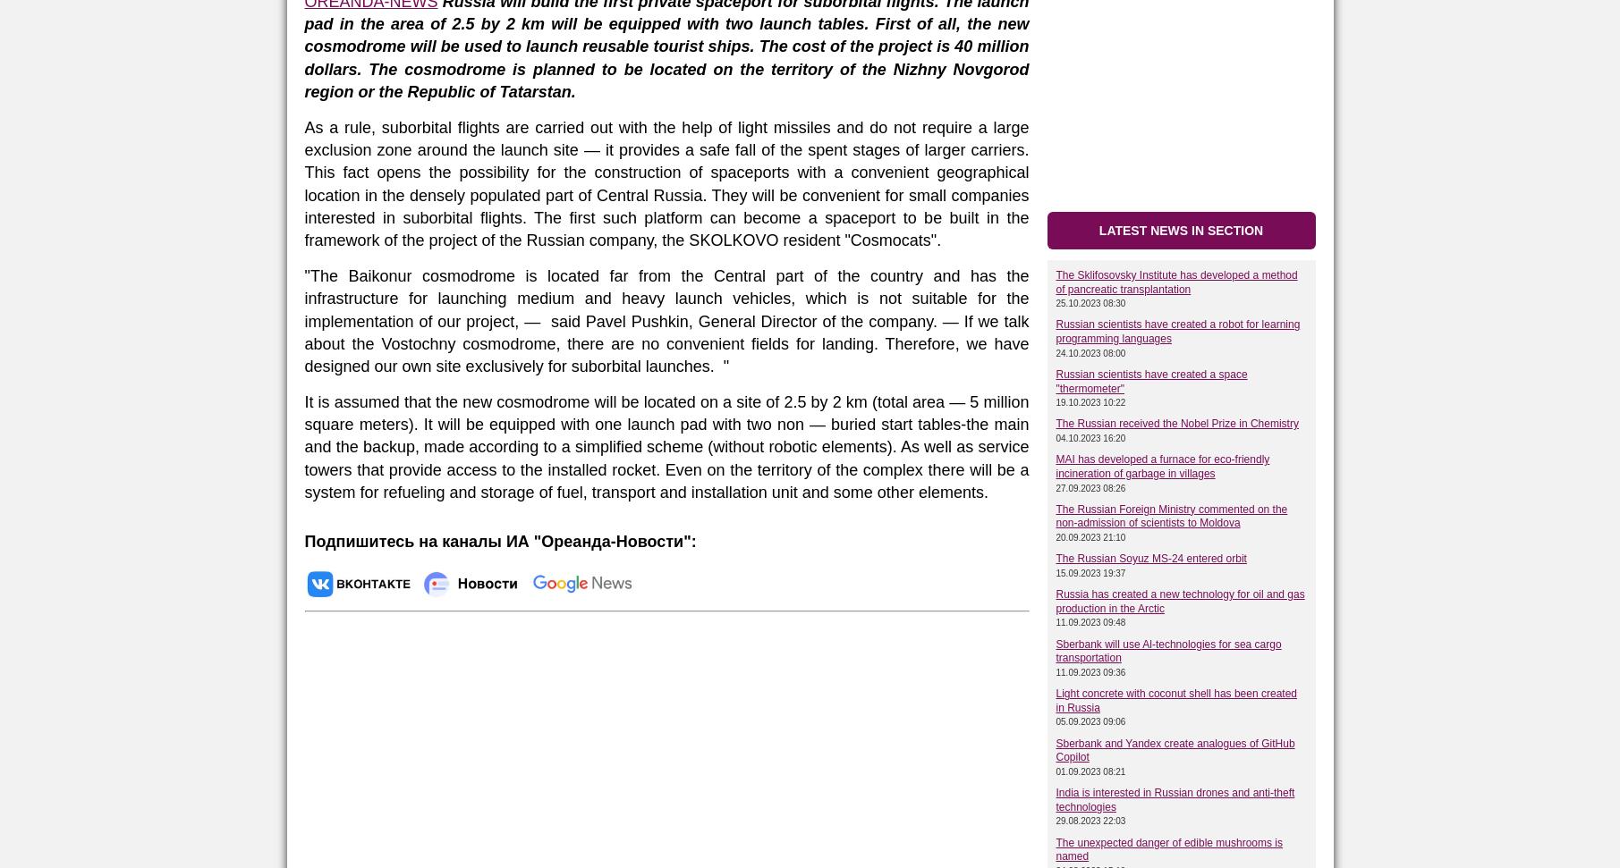  Describe the element at coordinates (666, 445) in the screenshot. I see `'It is assumed that the new cosmodrome will be located on a site of 2.5 by 2 km (total area — 5 million square meters). It will be equipped with one launch pad with two non — buried start tables-the main and the backup, made according to a simplified scheme (without robotic elements). As well as service towers that provide access to the installed rocket. Even on the territory of the complex there will be a system for refueling and storage of fuel, transport and installation unit and some other elements.'` at that location.